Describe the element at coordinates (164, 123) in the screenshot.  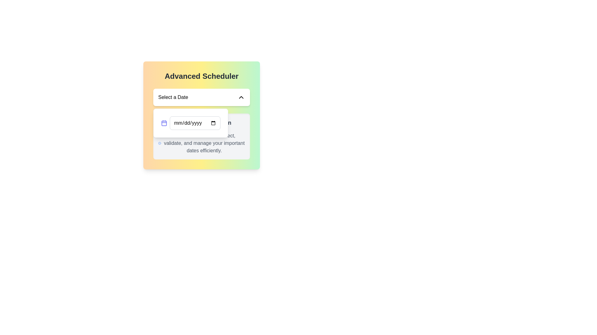
I see `the calendar icon, which is styled with a rectangular border outline and has a central date display, located on the left side of the date input field in the date selection widget` at that location.